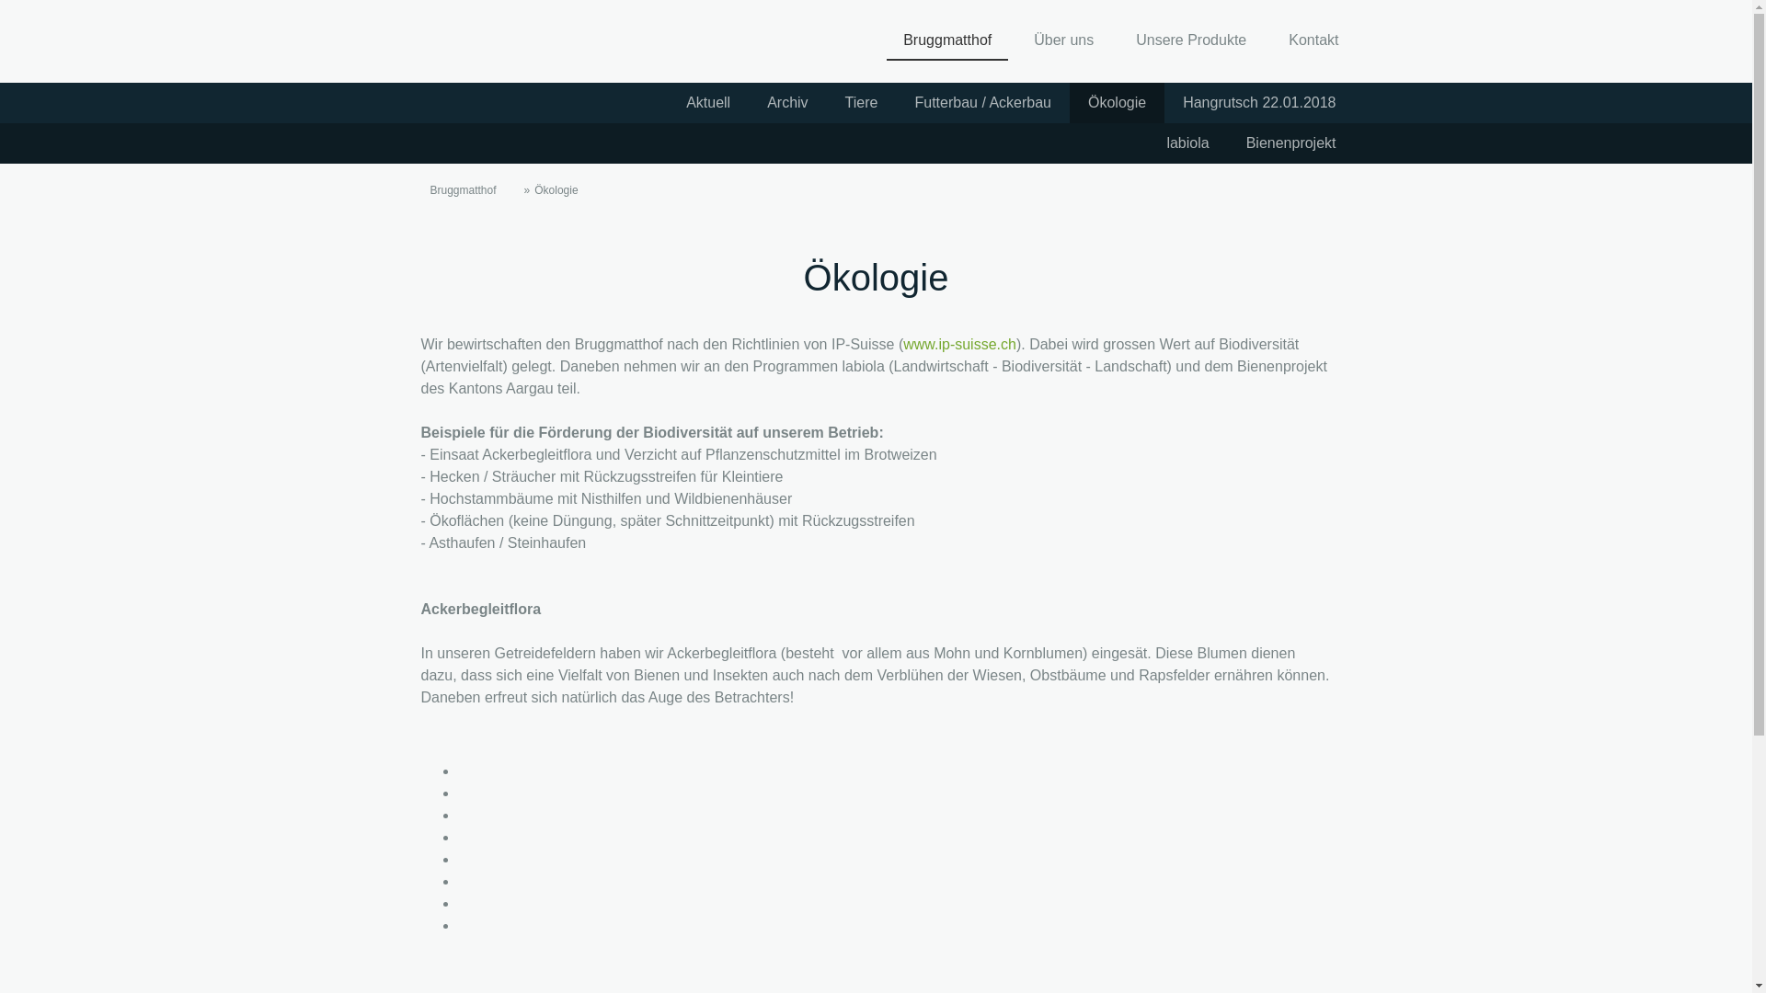 The image size is (1766, 993). What do you see at coordinates (947, 41) in the screenshot?
I see `'Bruggmatthof'` at bounding box center [947, 41].